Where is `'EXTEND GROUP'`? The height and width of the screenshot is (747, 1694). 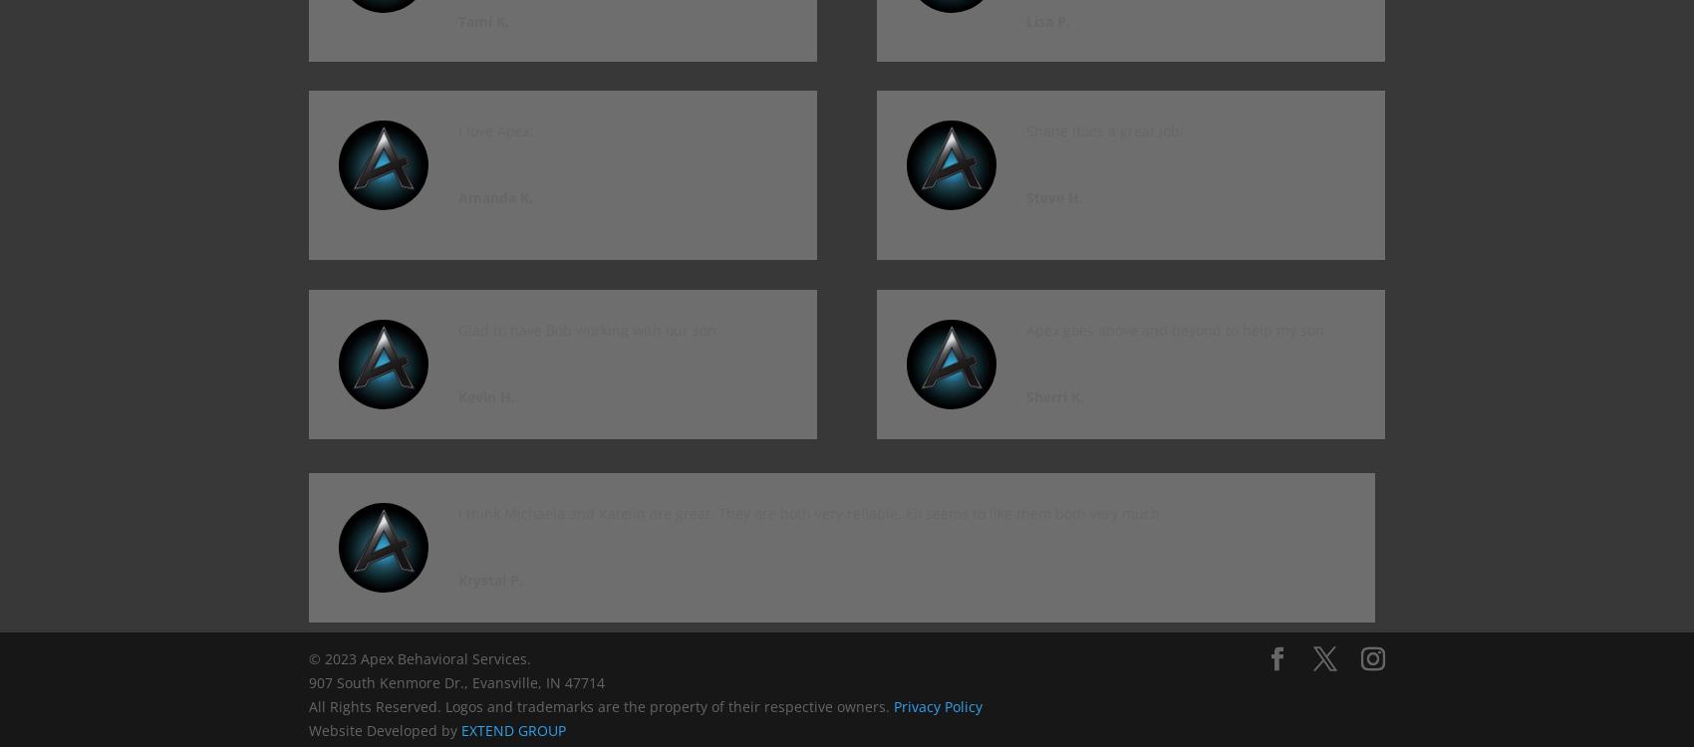
'EXTEND GROUP' is located at coordinates (513, 728).